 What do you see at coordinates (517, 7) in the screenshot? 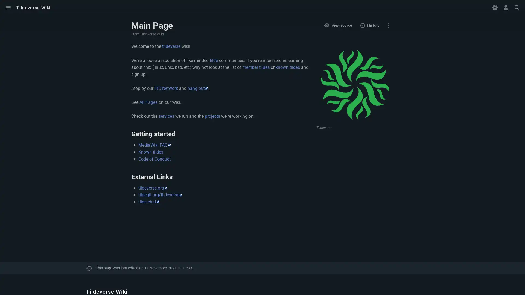
I see `Toggle search` at bounding box center [517, 7].